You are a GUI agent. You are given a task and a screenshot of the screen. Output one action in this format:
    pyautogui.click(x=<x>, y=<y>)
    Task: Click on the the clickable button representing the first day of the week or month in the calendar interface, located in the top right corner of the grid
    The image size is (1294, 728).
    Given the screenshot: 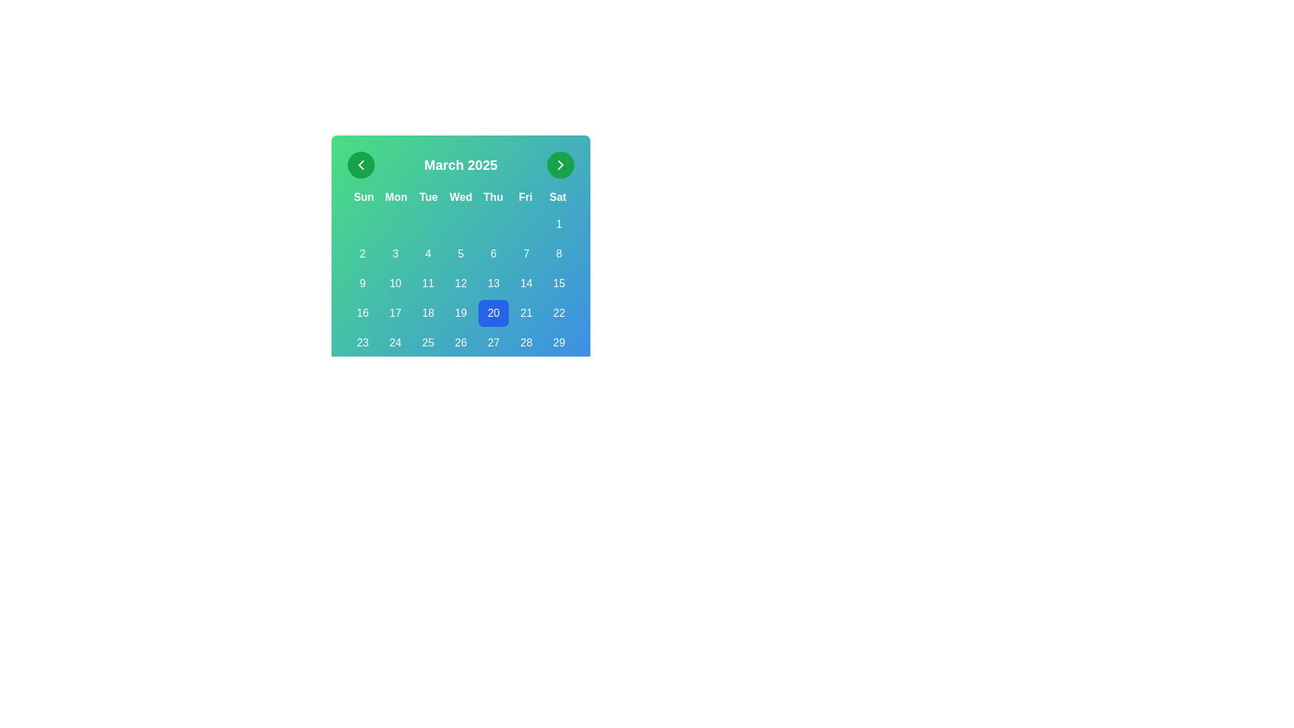 What is the action you would take?
    pyautogui.click(x=559, y=223)
    